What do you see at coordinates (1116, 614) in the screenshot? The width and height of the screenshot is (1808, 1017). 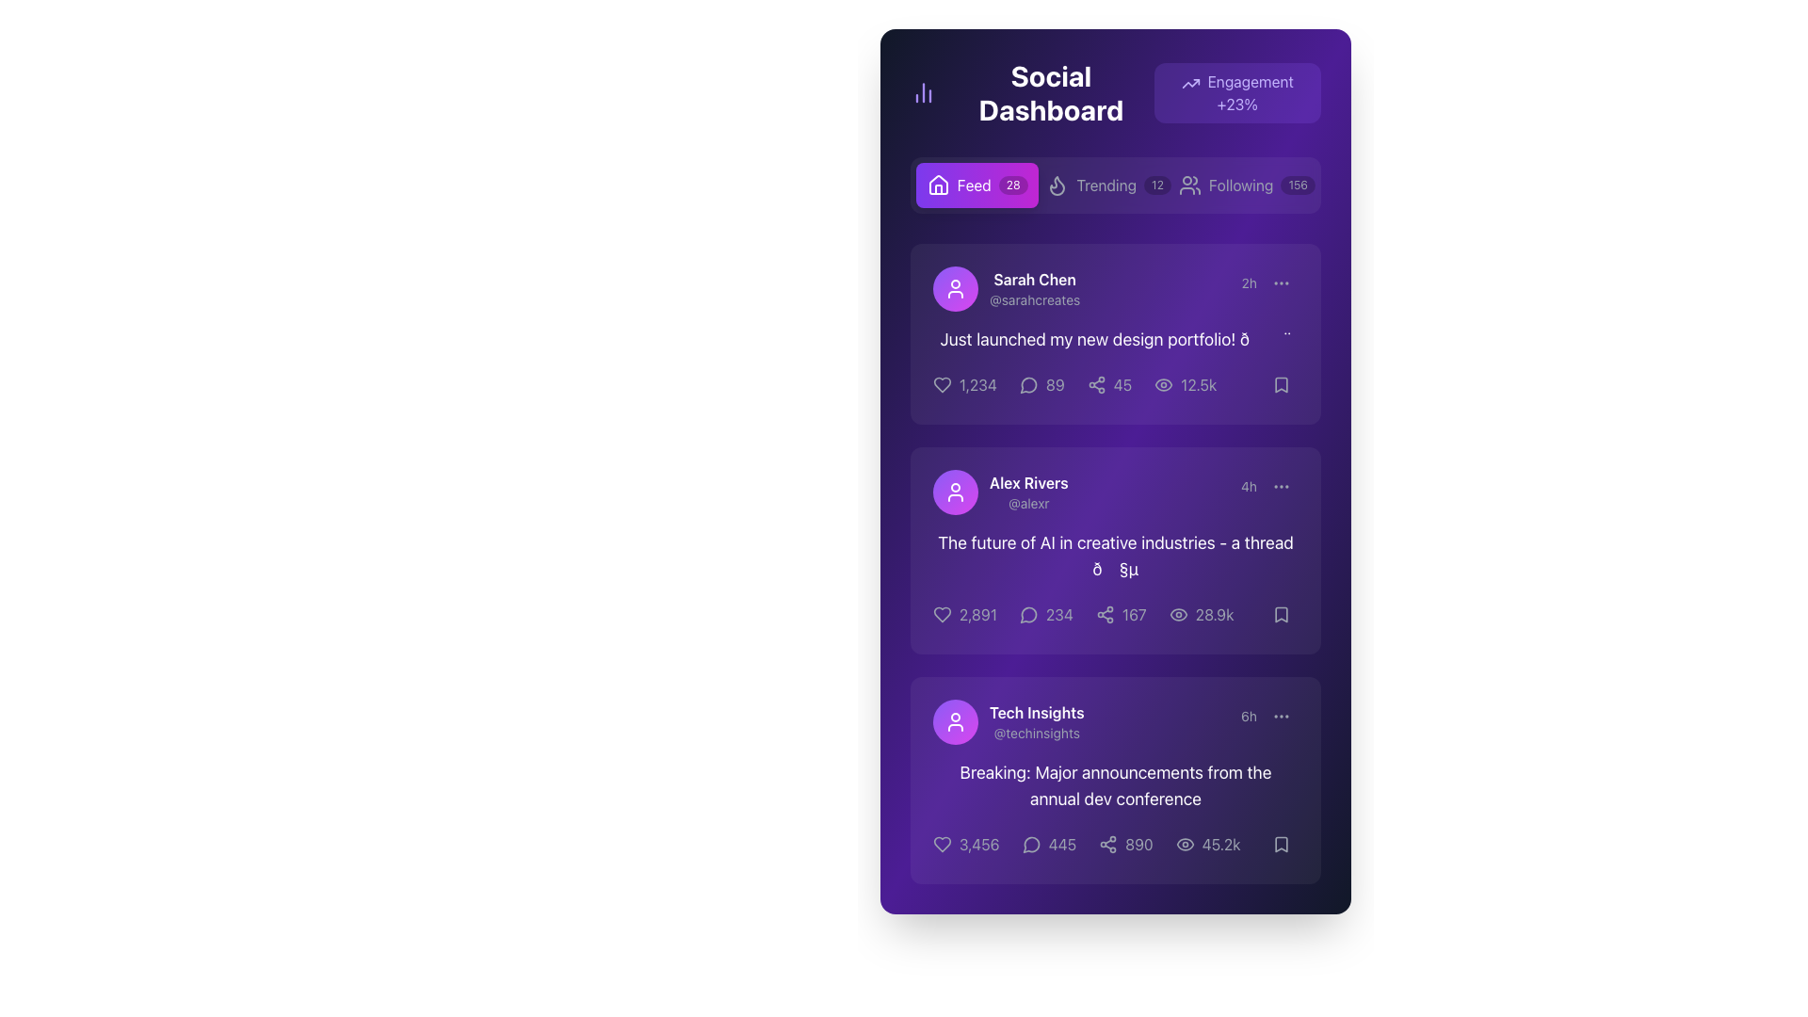 I see `the button with a share icon and the number '167' on a purple background` at bounding box center [1116, 614].